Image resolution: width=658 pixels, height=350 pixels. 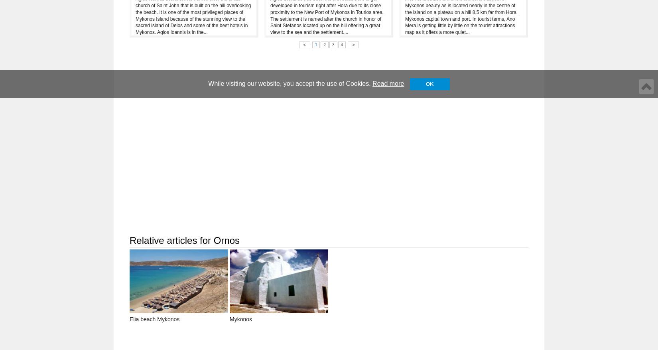 What do you see at coordinates (324, 44) in the screenshot?
I see `'2'` at bounding box center [324, 44].